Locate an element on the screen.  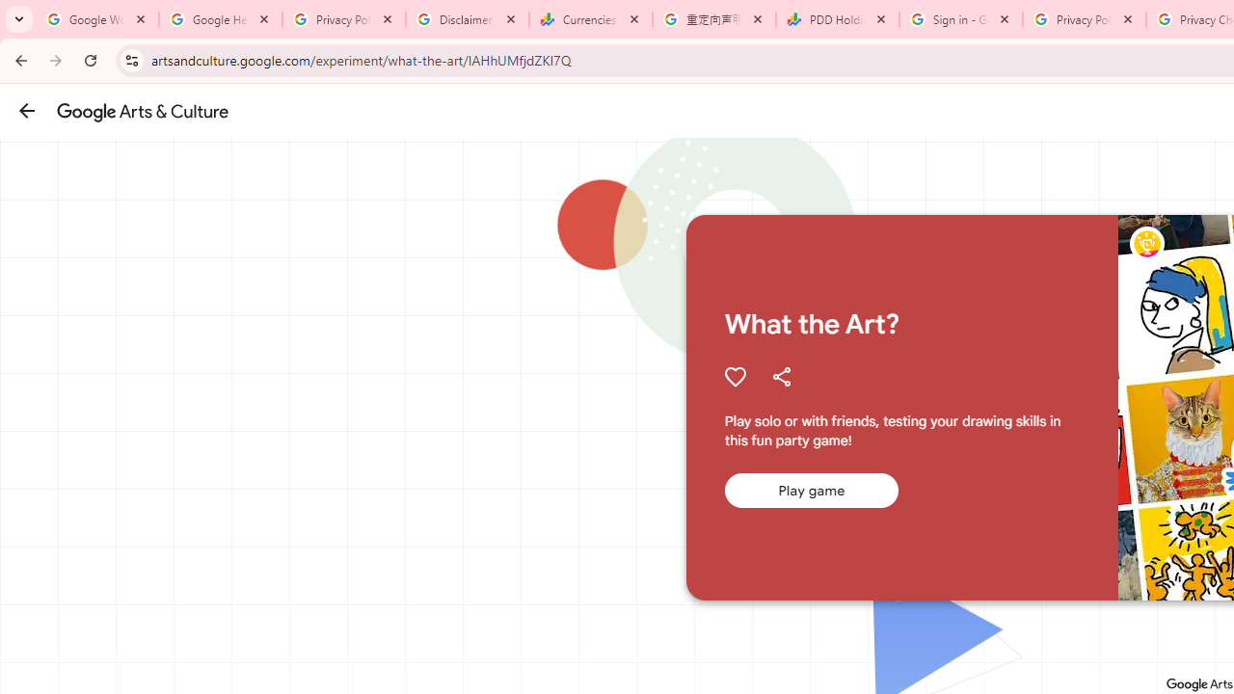
'Share "What the Art?"' is located at coordinates (781, 376).